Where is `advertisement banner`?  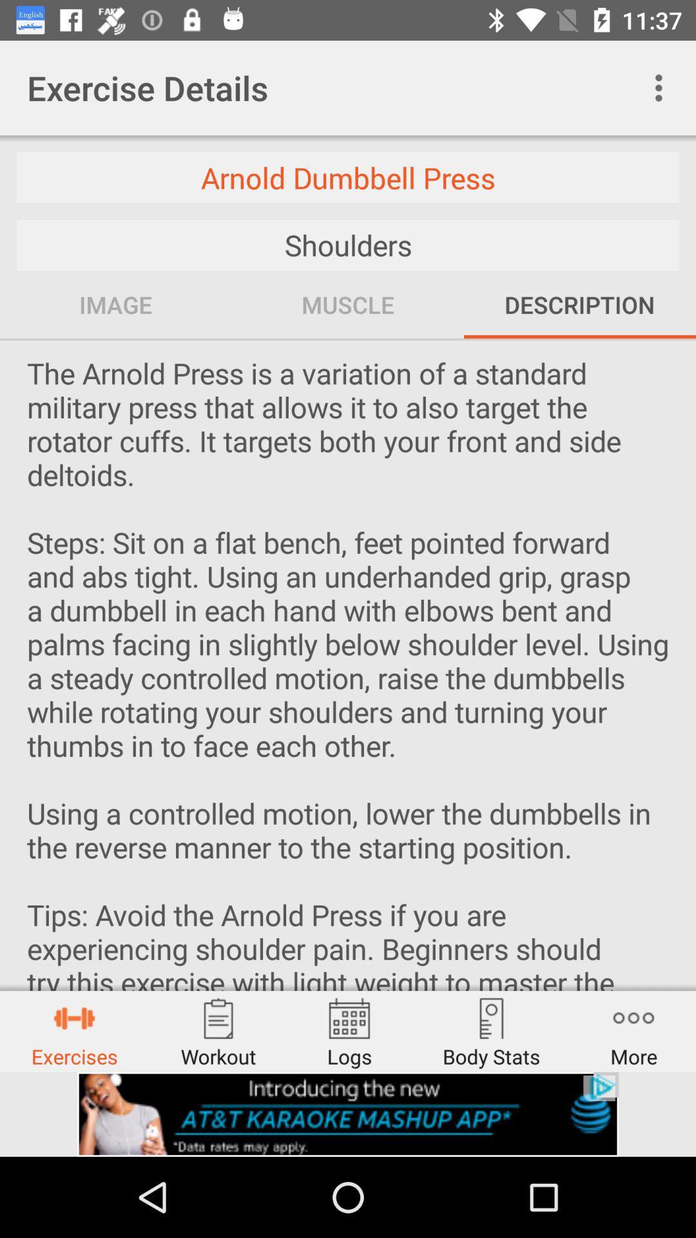 advertisement banner is located at coordinates (348, 1114).